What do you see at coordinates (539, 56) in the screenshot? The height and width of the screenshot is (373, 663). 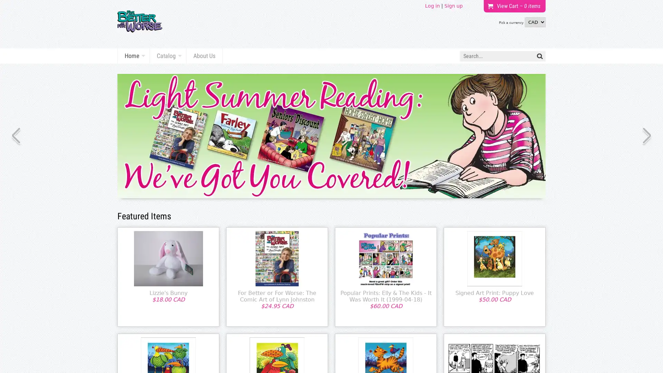 I see `Search` at bounding box center [539, 56].